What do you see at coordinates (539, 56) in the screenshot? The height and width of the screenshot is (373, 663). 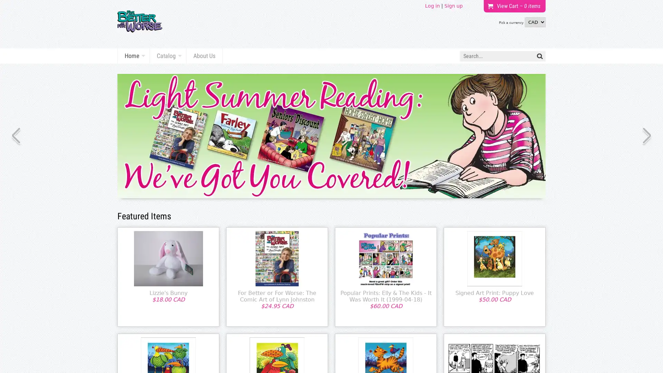 I see `Search` at bounding box center [539, 56].